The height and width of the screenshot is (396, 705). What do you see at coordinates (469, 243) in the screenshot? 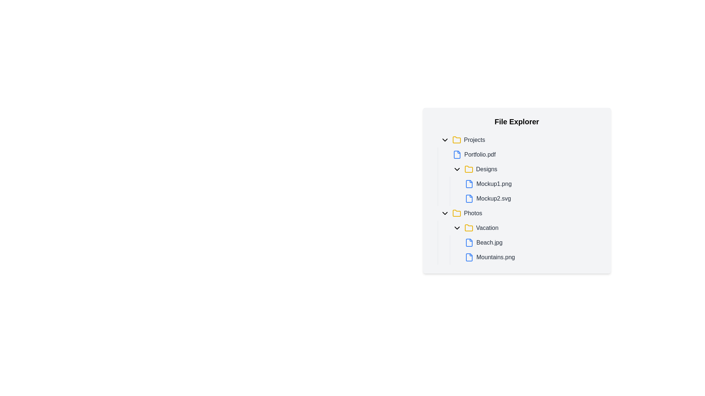
I see `the document icon with a folded top-right corner, which is adjacent to the label 'Beach.jpg' in the 'Vacation' folder within the 'File Explorer' panel` at bounding box center [469, 243].